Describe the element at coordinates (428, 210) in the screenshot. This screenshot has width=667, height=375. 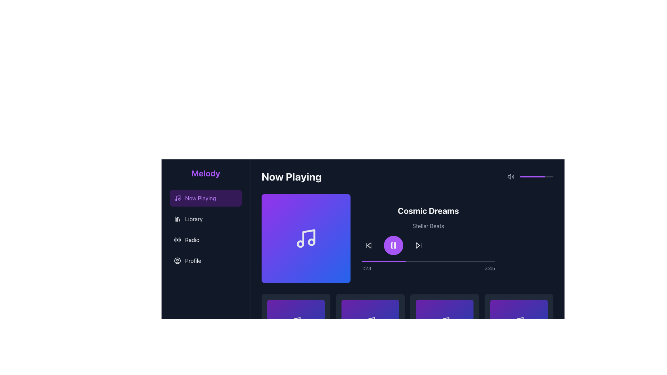
I see `the static title text displaying the currently playing media, located on the right side of the interface, above the subtitle 'Stellar Beats'` at that location.